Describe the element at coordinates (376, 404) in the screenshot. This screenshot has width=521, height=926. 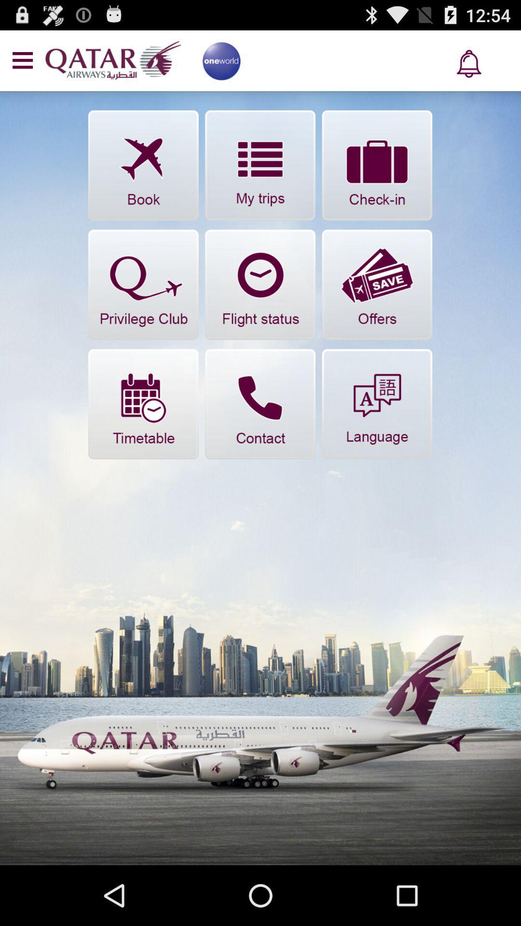
I see `change language` at that location.